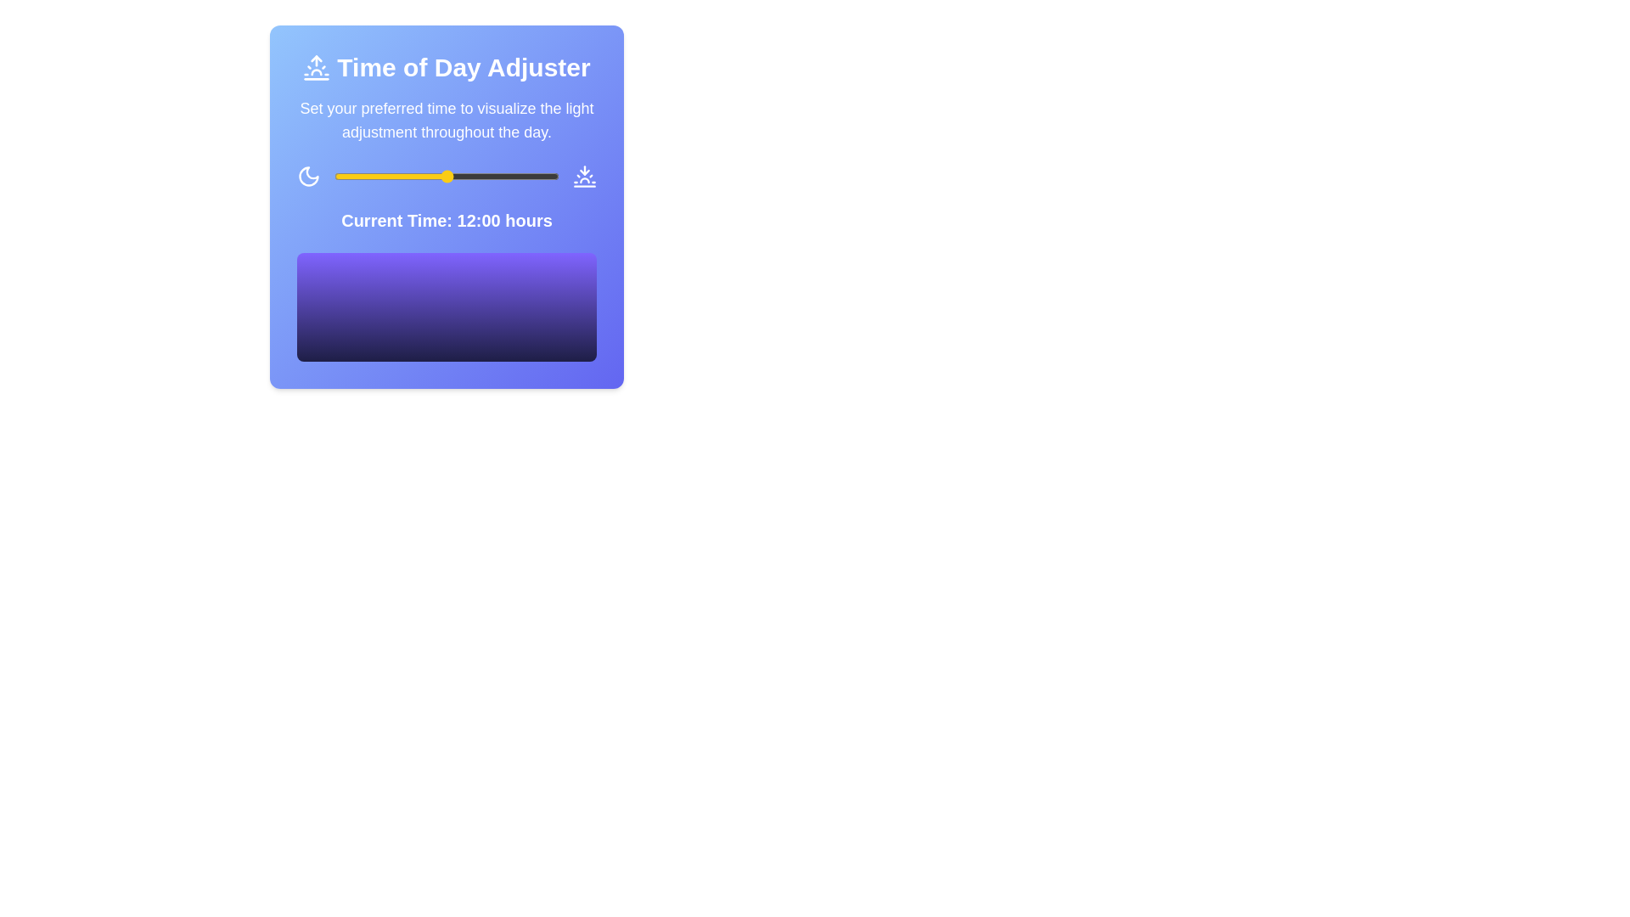 This screenshot has height=917, width=1630. What do you see at coordinates (465, 177) in the screenshot?
I see `the time slider to 14 hours to observe the gradient visualization` at bounding box center [465, 177].